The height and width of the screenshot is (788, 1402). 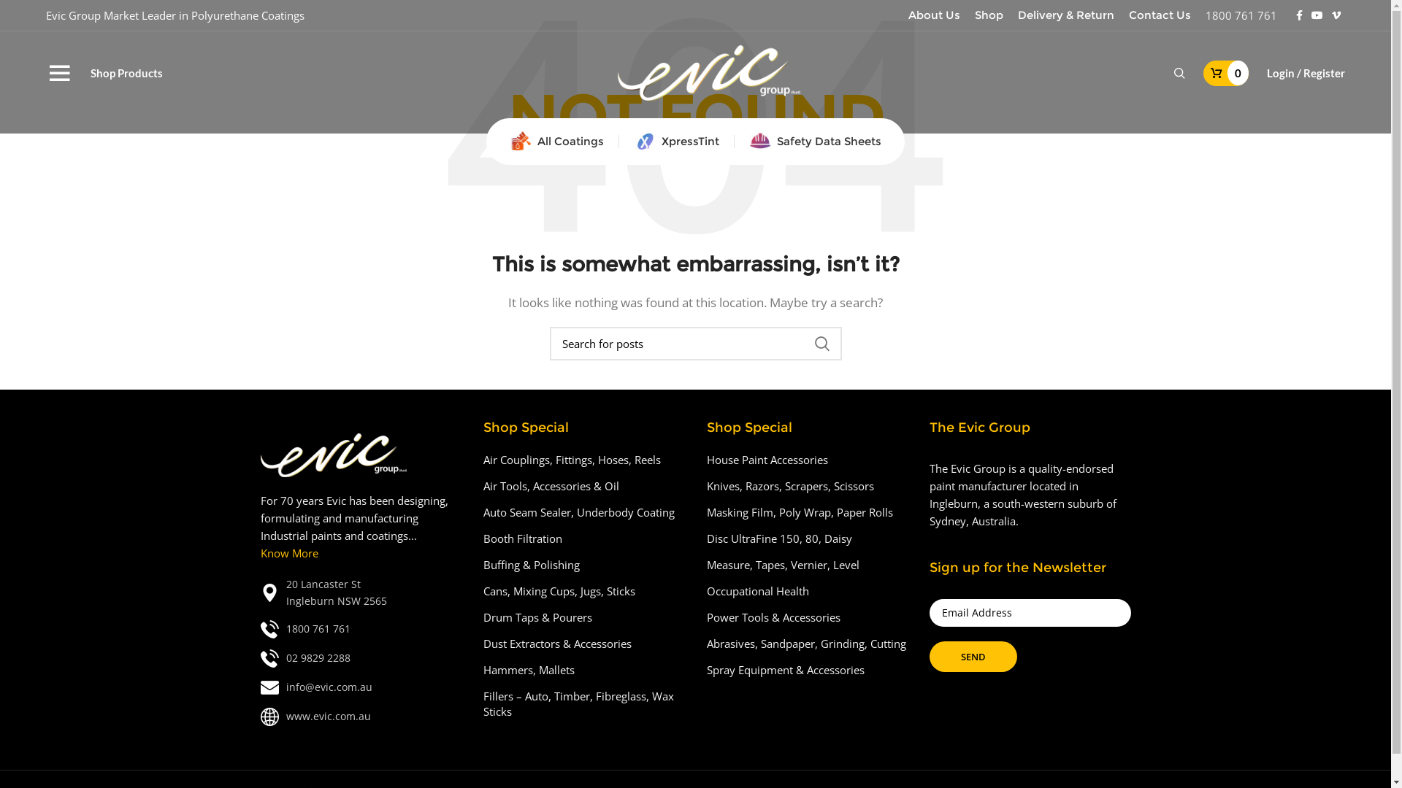 I want to click on 'All Coatings', so click(x=556, y=141).